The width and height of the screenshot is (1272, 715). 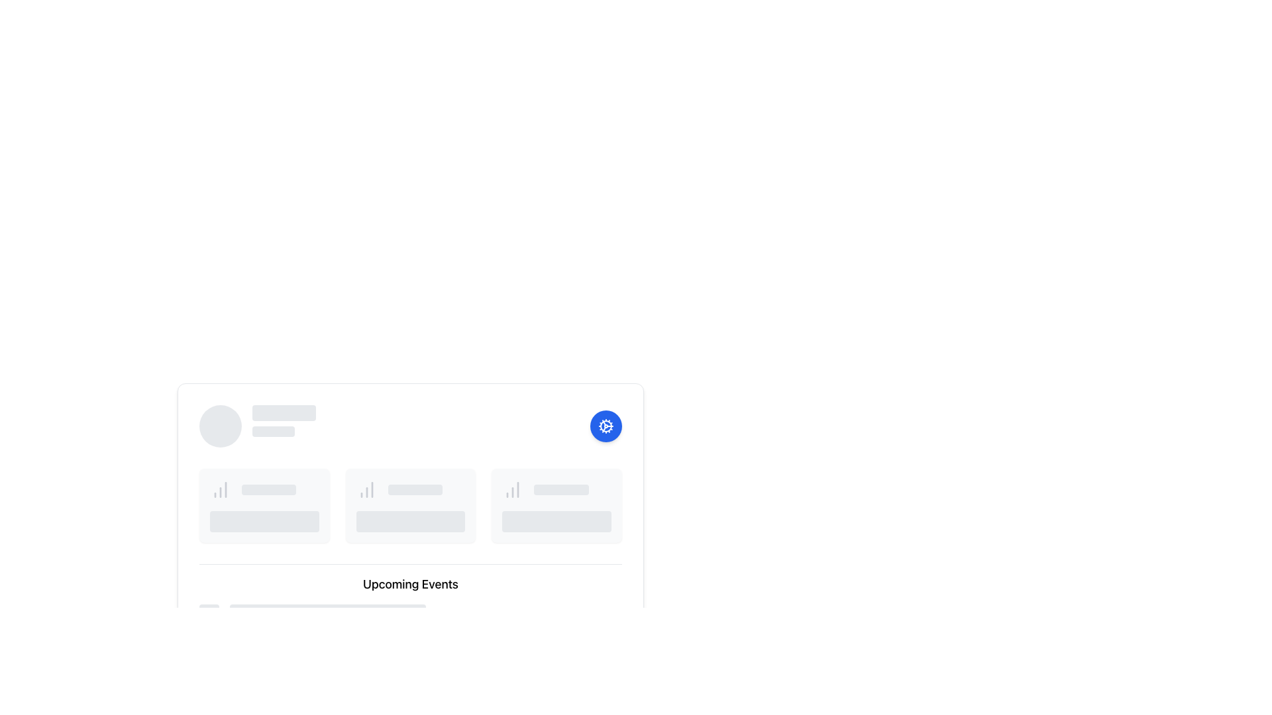 I want to click on the visual content of the Composite element that features a small column chart icon on the left and a gray rectangular placeholder bar on the right, located in the middle of three horizontally aligned boxes, so click(x=409, y=490).